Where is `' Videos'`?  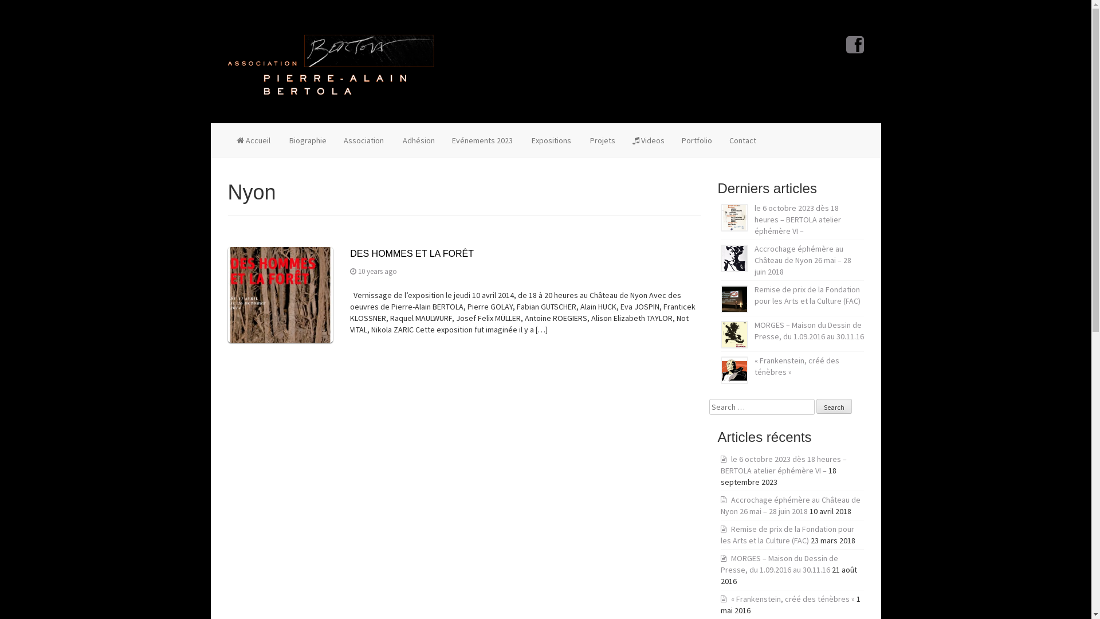
' Videos' is located at coordinates (648, 140).